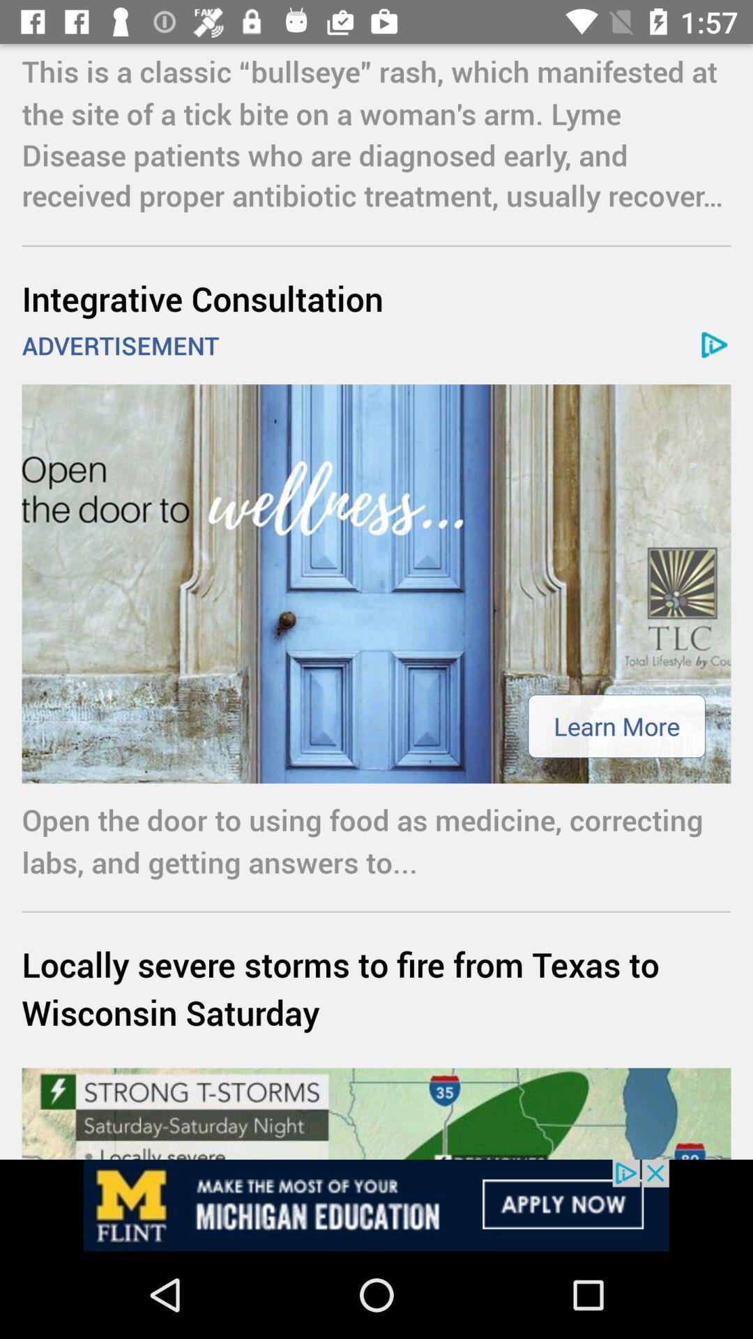  What do you see at coordinates (376, 1204) in the screenshot?
I see `the advertisement` at bounding box center [376, 1204].